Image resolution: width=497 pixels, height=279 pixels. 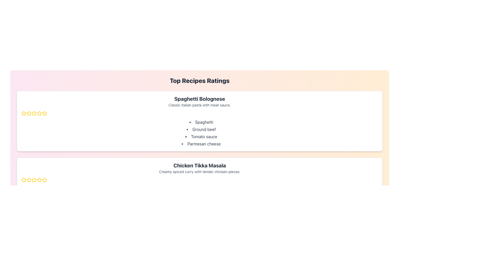 I want to click on the third star icon in the rating component for the 'Spaghetti Bolognese' to rate it, so click(x=28, y=113).